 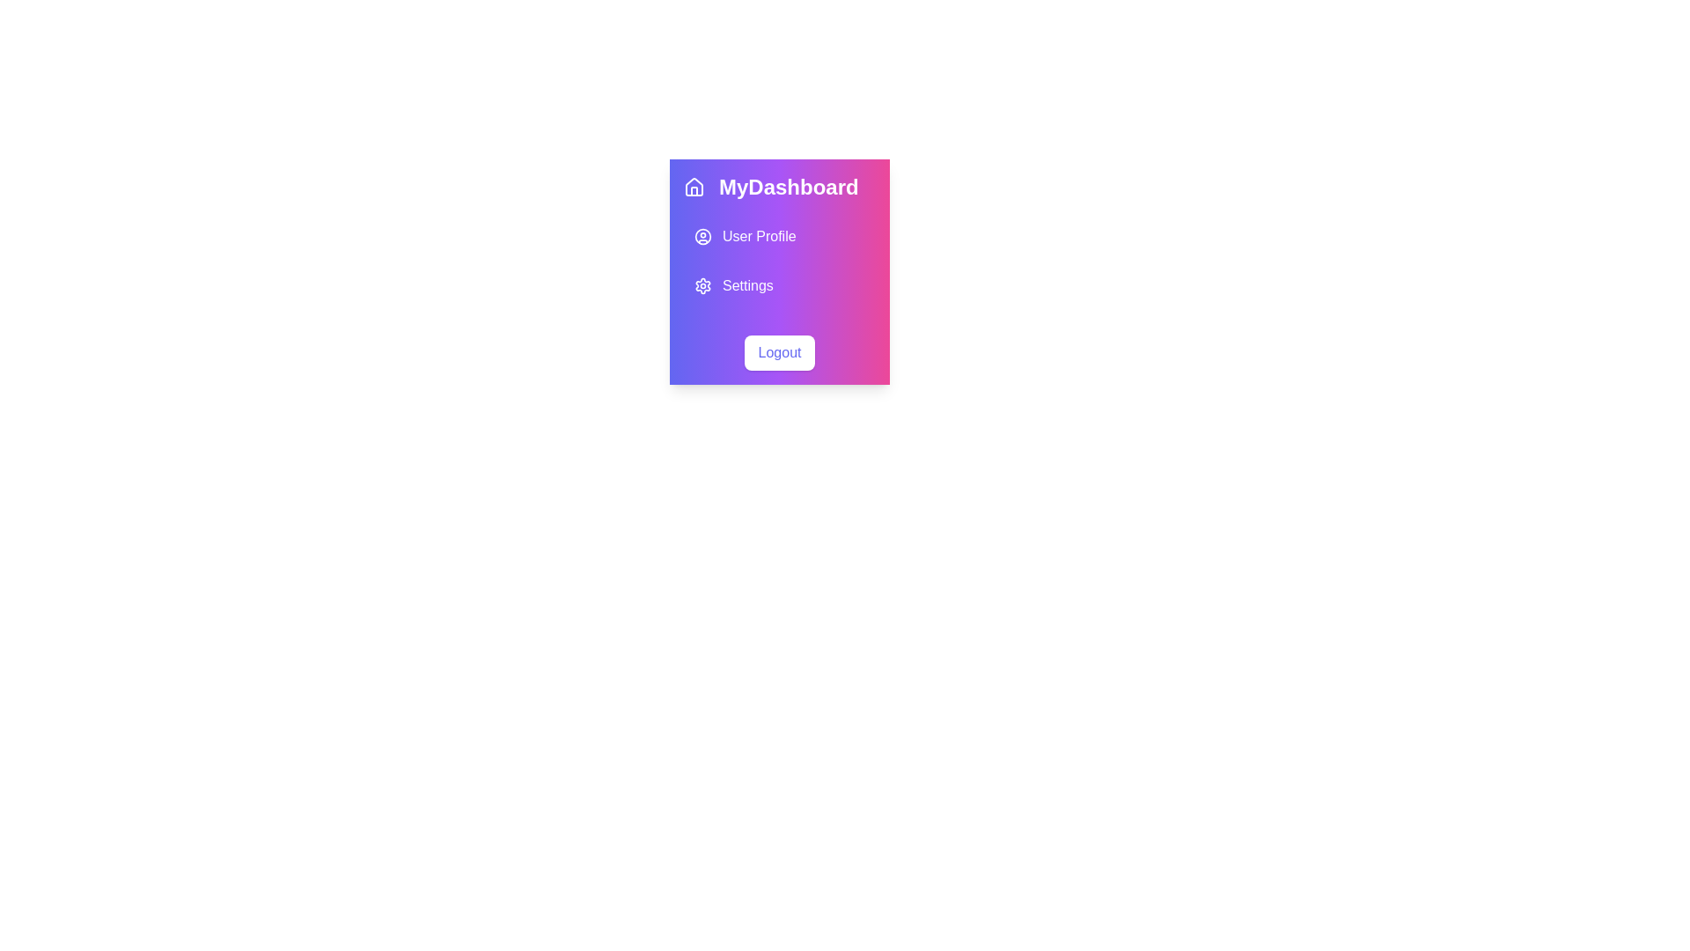 What do you see at coordinates (702, 236) in the screenshot?
I see `the circular outline SVG element that is part of the user-related icon` at bounding box center [702, 236].